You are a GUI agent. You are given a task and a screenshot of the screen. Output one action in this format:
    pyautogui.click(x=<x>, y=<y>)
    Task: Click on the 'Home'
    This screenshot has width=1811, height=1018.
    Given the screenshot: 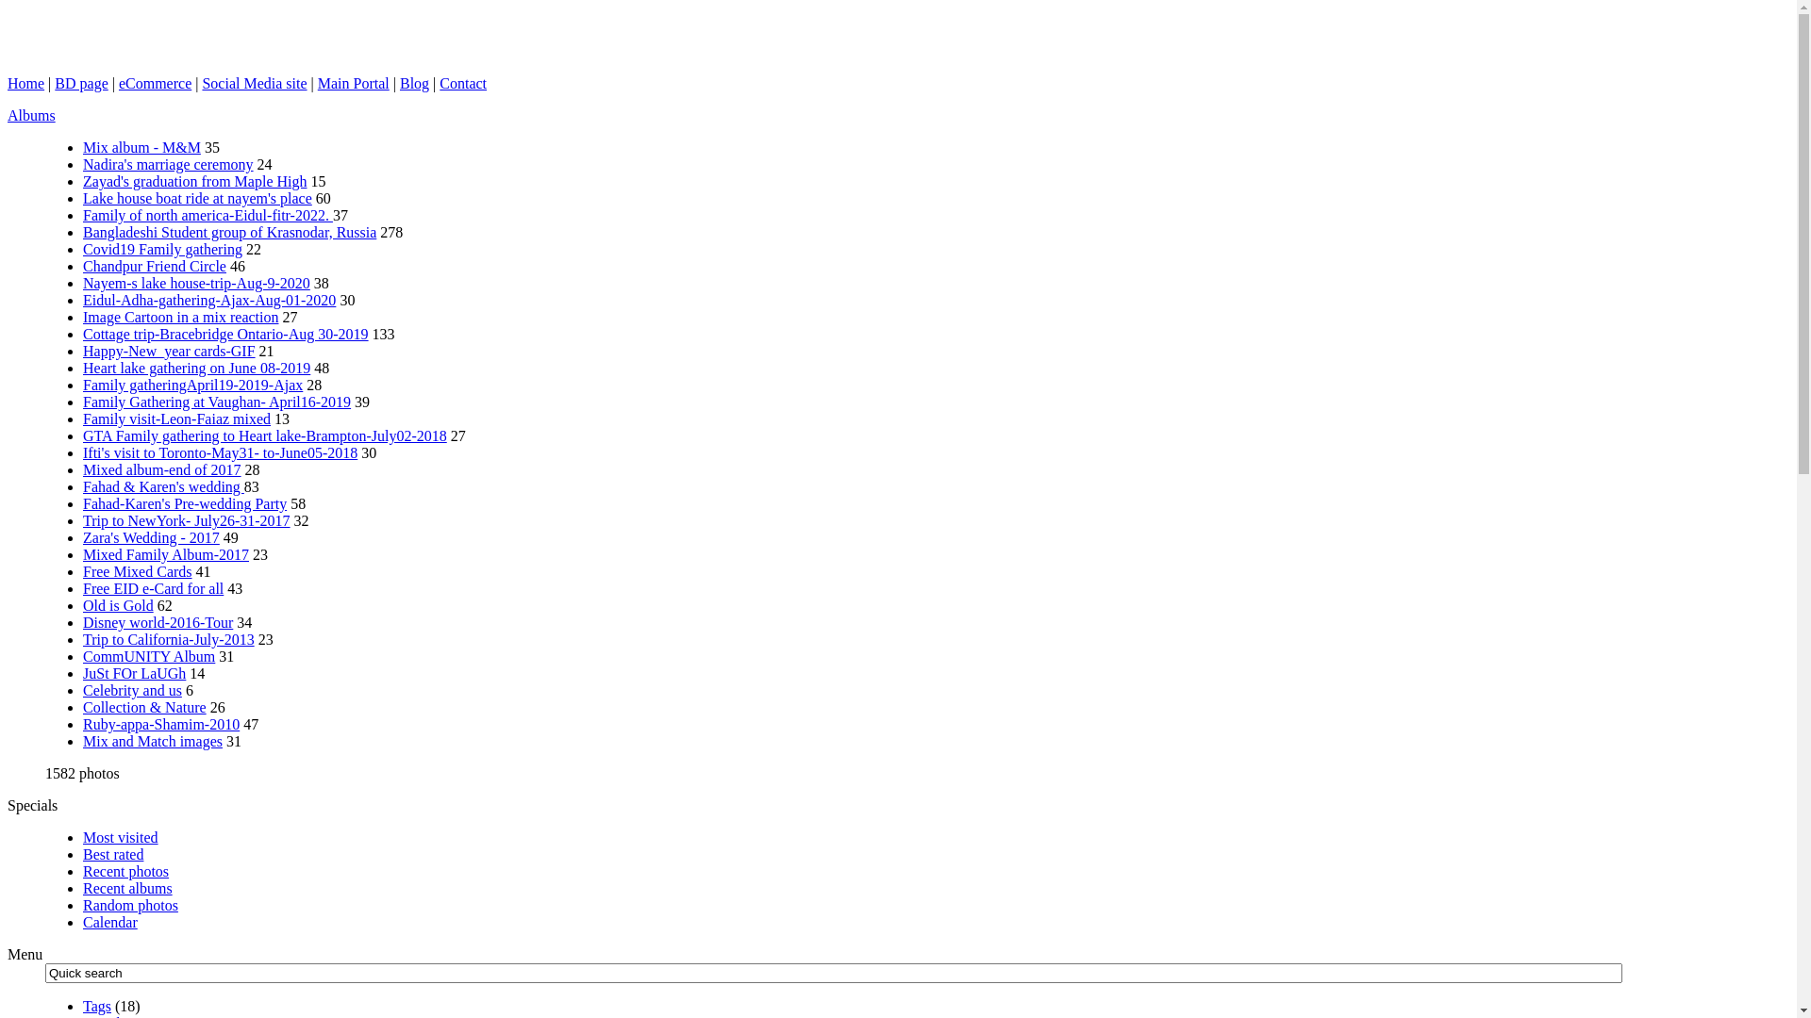 What is the action you would take?
    pyautogui.click(x=25, y=82)
    